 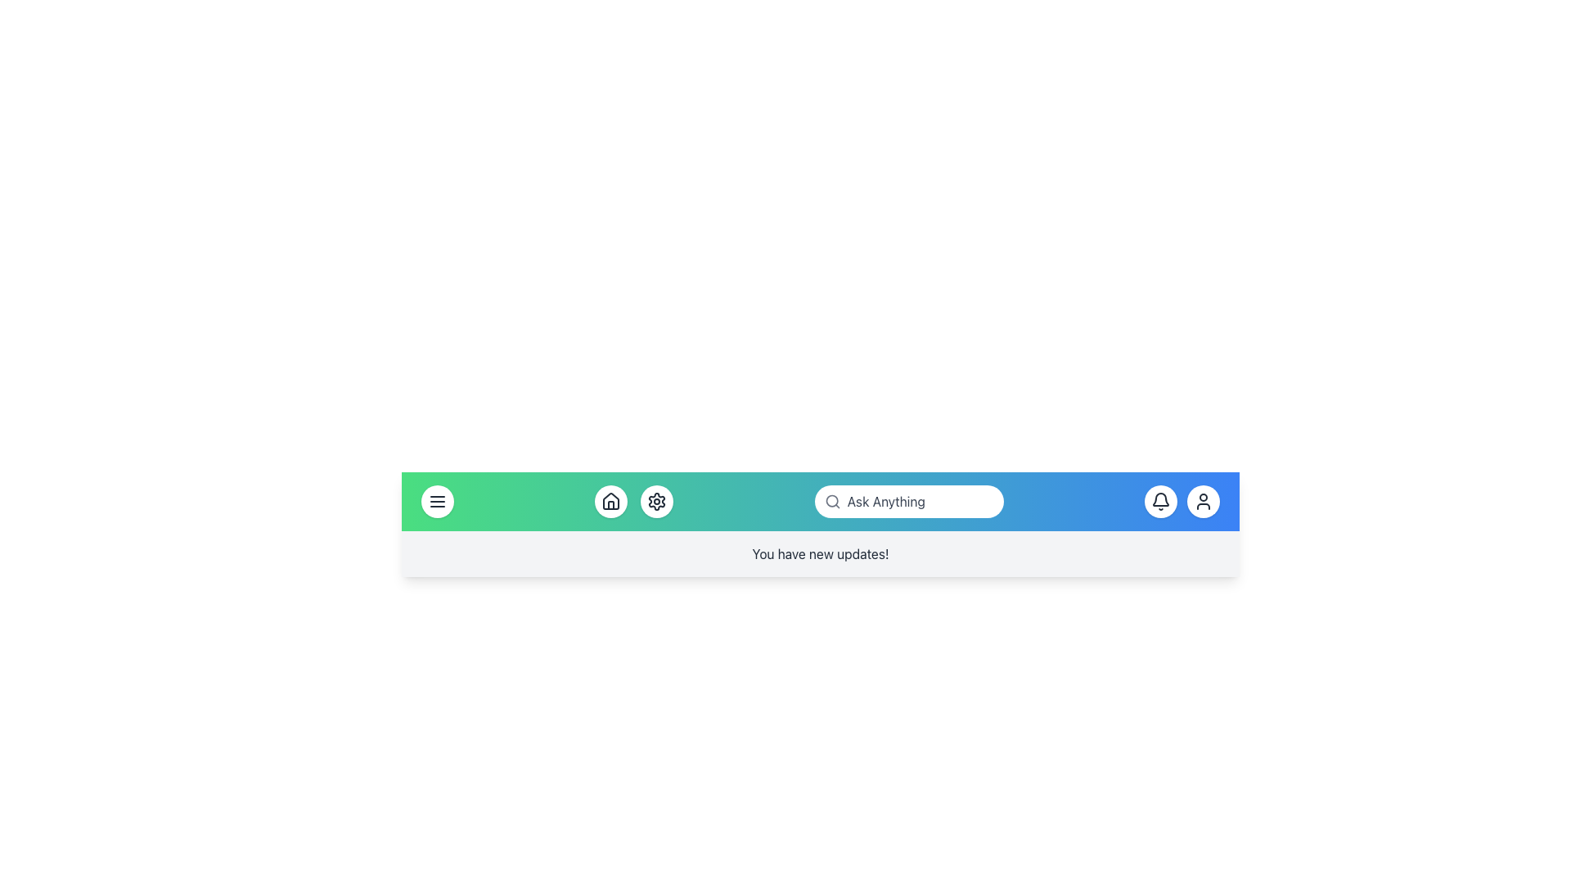 I want to click on the house icon, which is a minimalist line art design within a circular button located in the navigation bar at the bottom of the interface, so click(x=610, y=501).